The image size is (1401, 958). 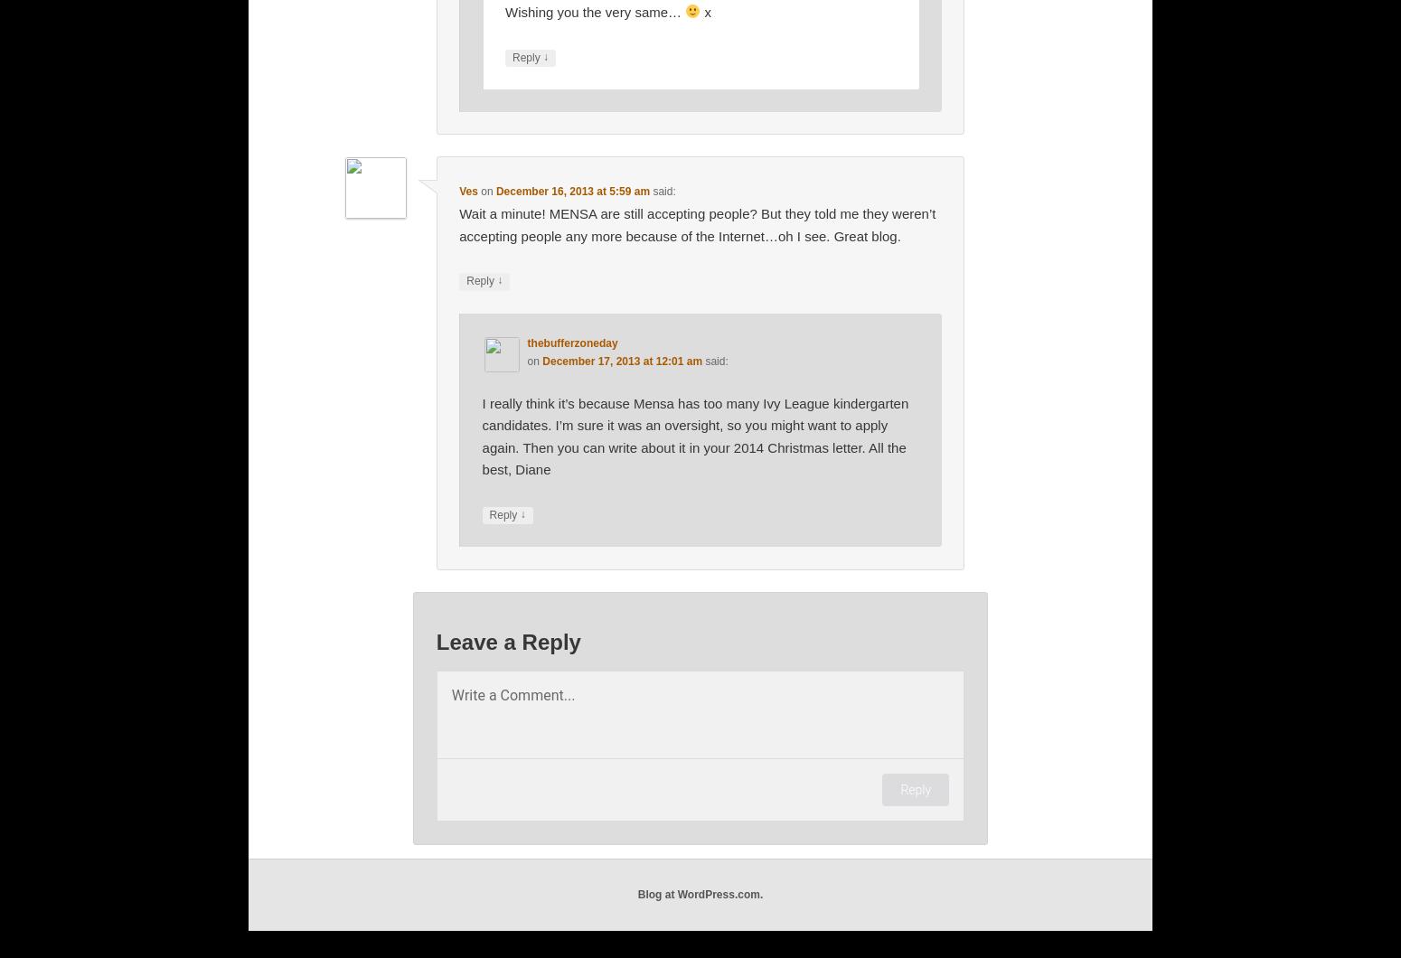 What do you see at coordinates (494, 190) in the screenshot?
I see `'December 16, 2013 at 5:59 am'` at bounding box center [494, 190].